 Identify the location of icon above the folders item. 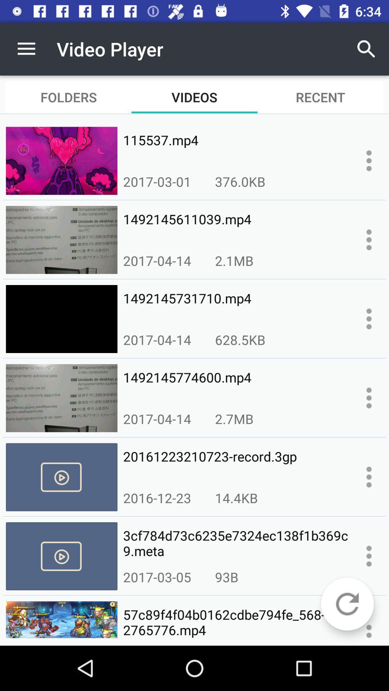
(26, 49).